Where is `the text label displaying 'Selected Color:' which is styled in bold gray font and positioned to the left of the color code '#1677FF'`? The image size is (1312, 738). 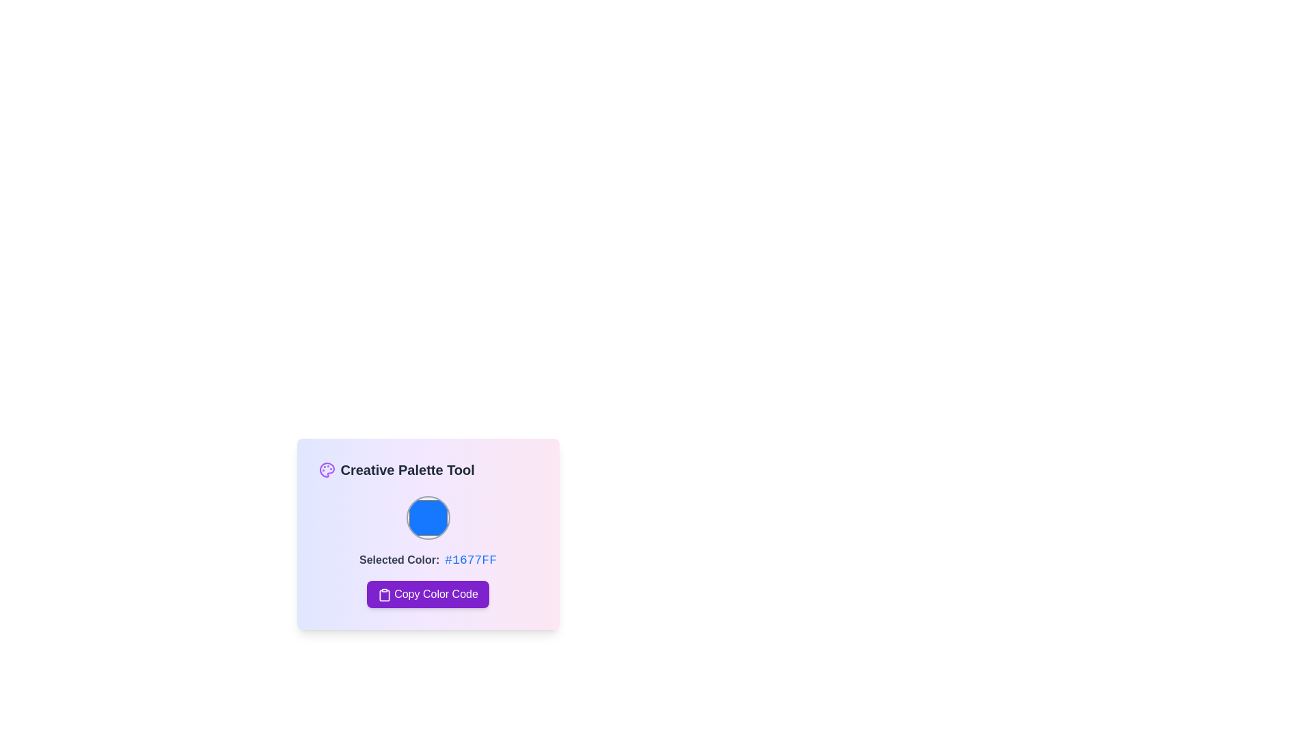
the text label displaying 'Selected Color:' which is styled in bold gray font and positioned to the left of the color code '#1677FF' is located at coordinates (398, 560).